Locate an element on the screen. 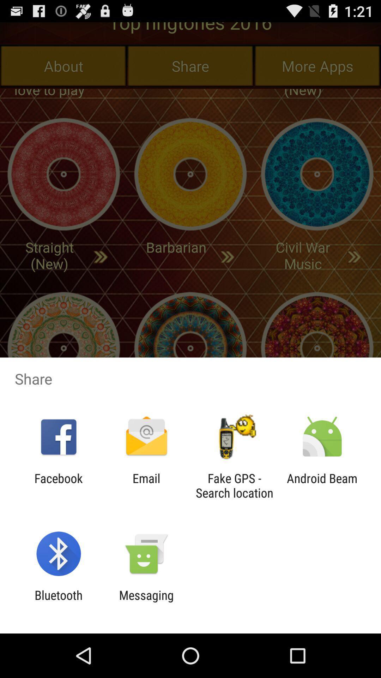  the messaging is located at coordinates (146, 602).